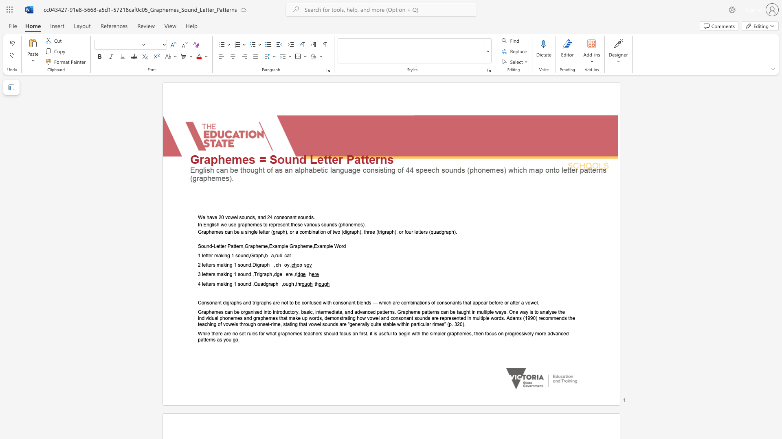 The width and height of the screenshot is (782, 439). Describe the element at coordinates (259, 246) in the screenshot. I see `the 4th character "e" in the text` at that location.